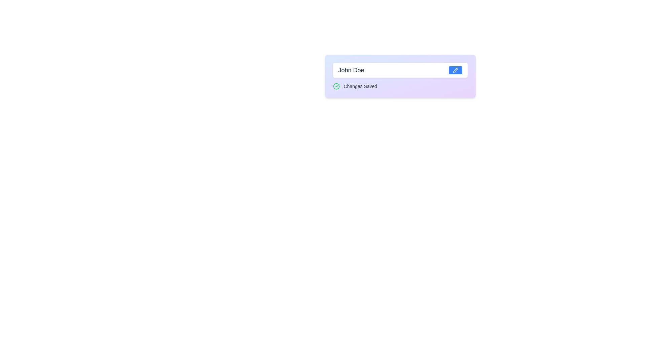 Image resolution: width=646 pixels, height=363 pixels. I want to click on the blue pencil-shaped icon button located at the right margin of the input field containing the name 'John Doe', so click(455, 70).